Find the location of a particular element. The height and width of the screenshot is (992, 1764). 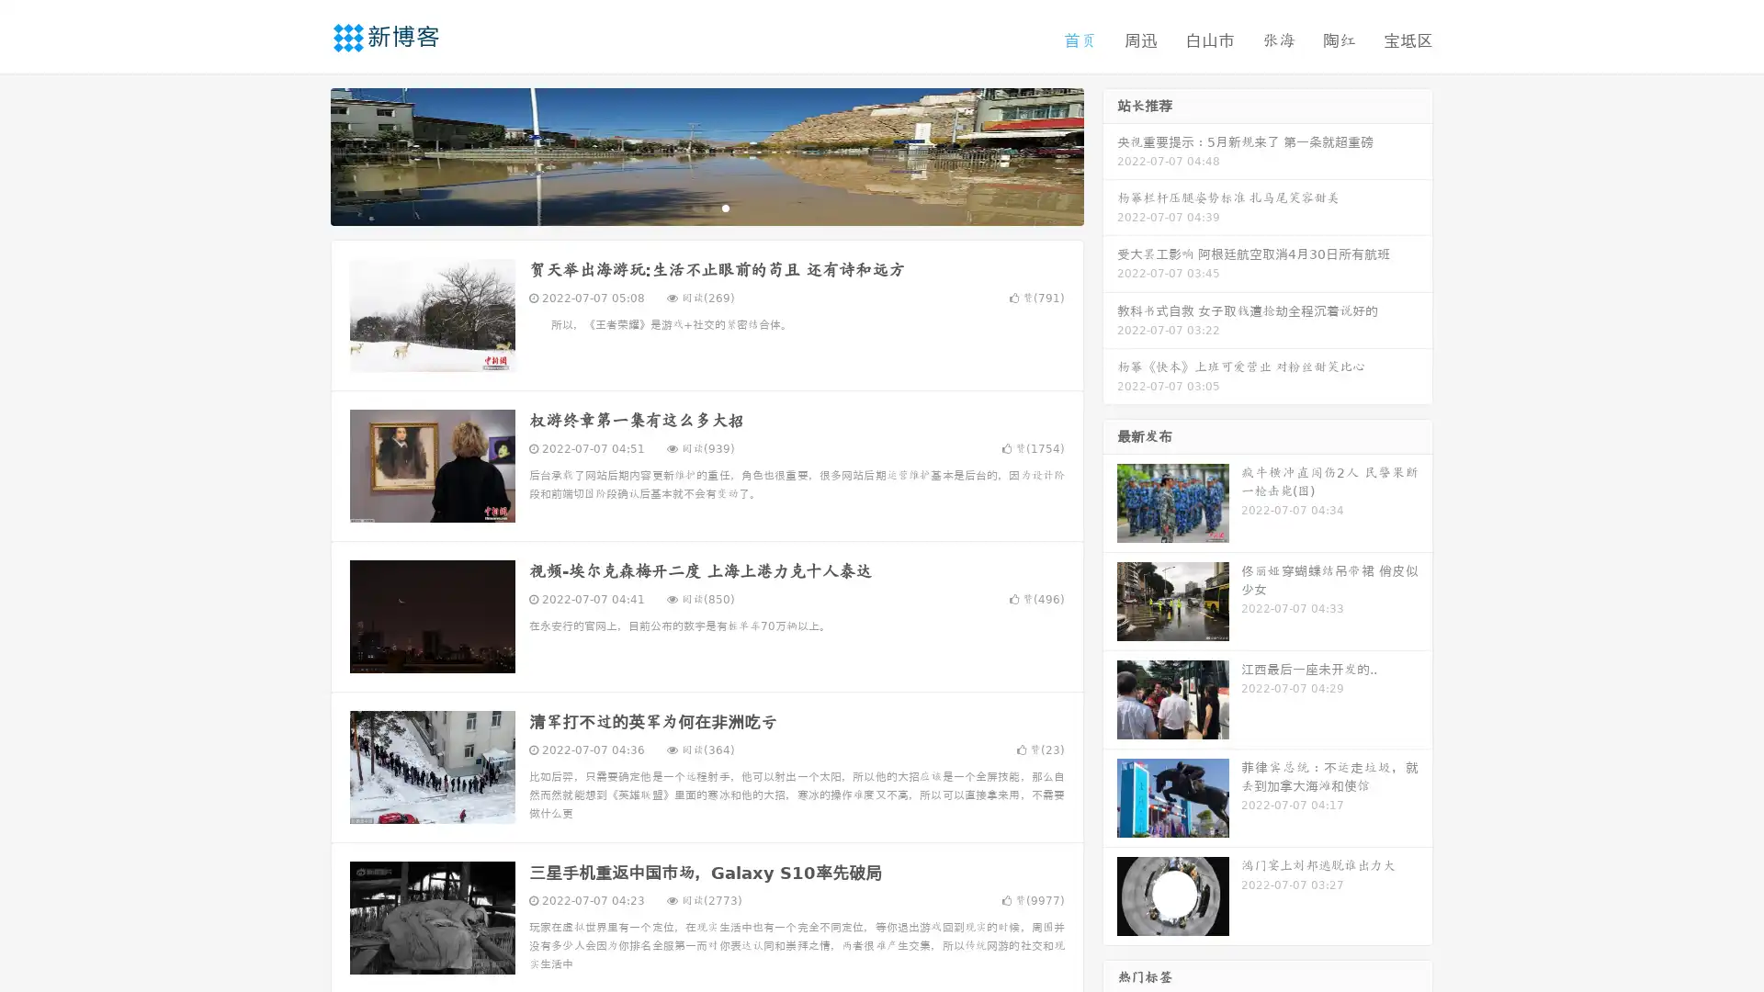

Go to slide 3 is located at coordinates (725, 207).